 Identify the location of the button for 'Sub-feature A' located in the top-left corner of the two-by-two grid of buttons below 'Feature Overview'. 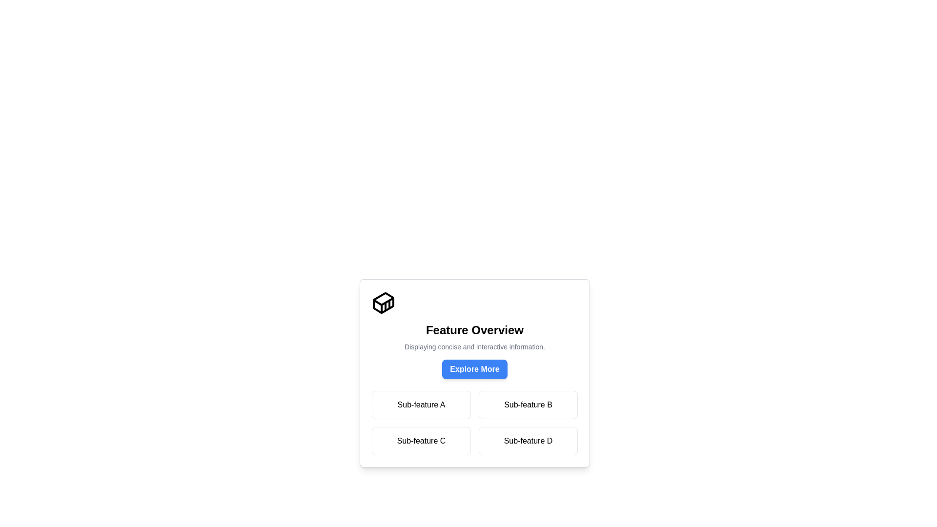
(421, 405).